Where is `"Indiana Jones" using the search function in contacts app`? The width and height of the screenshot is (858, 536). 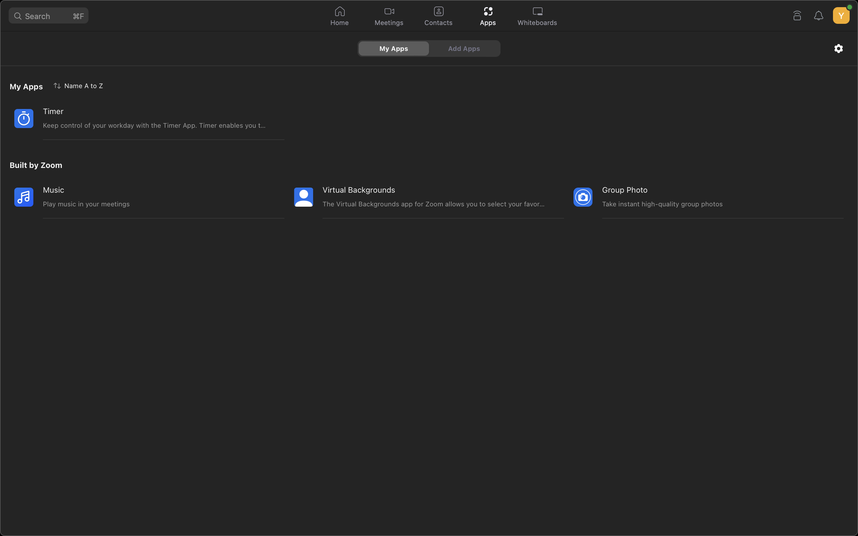
"Indiana Jones" using the search function in contacts app is located at coordinates (438, 16).